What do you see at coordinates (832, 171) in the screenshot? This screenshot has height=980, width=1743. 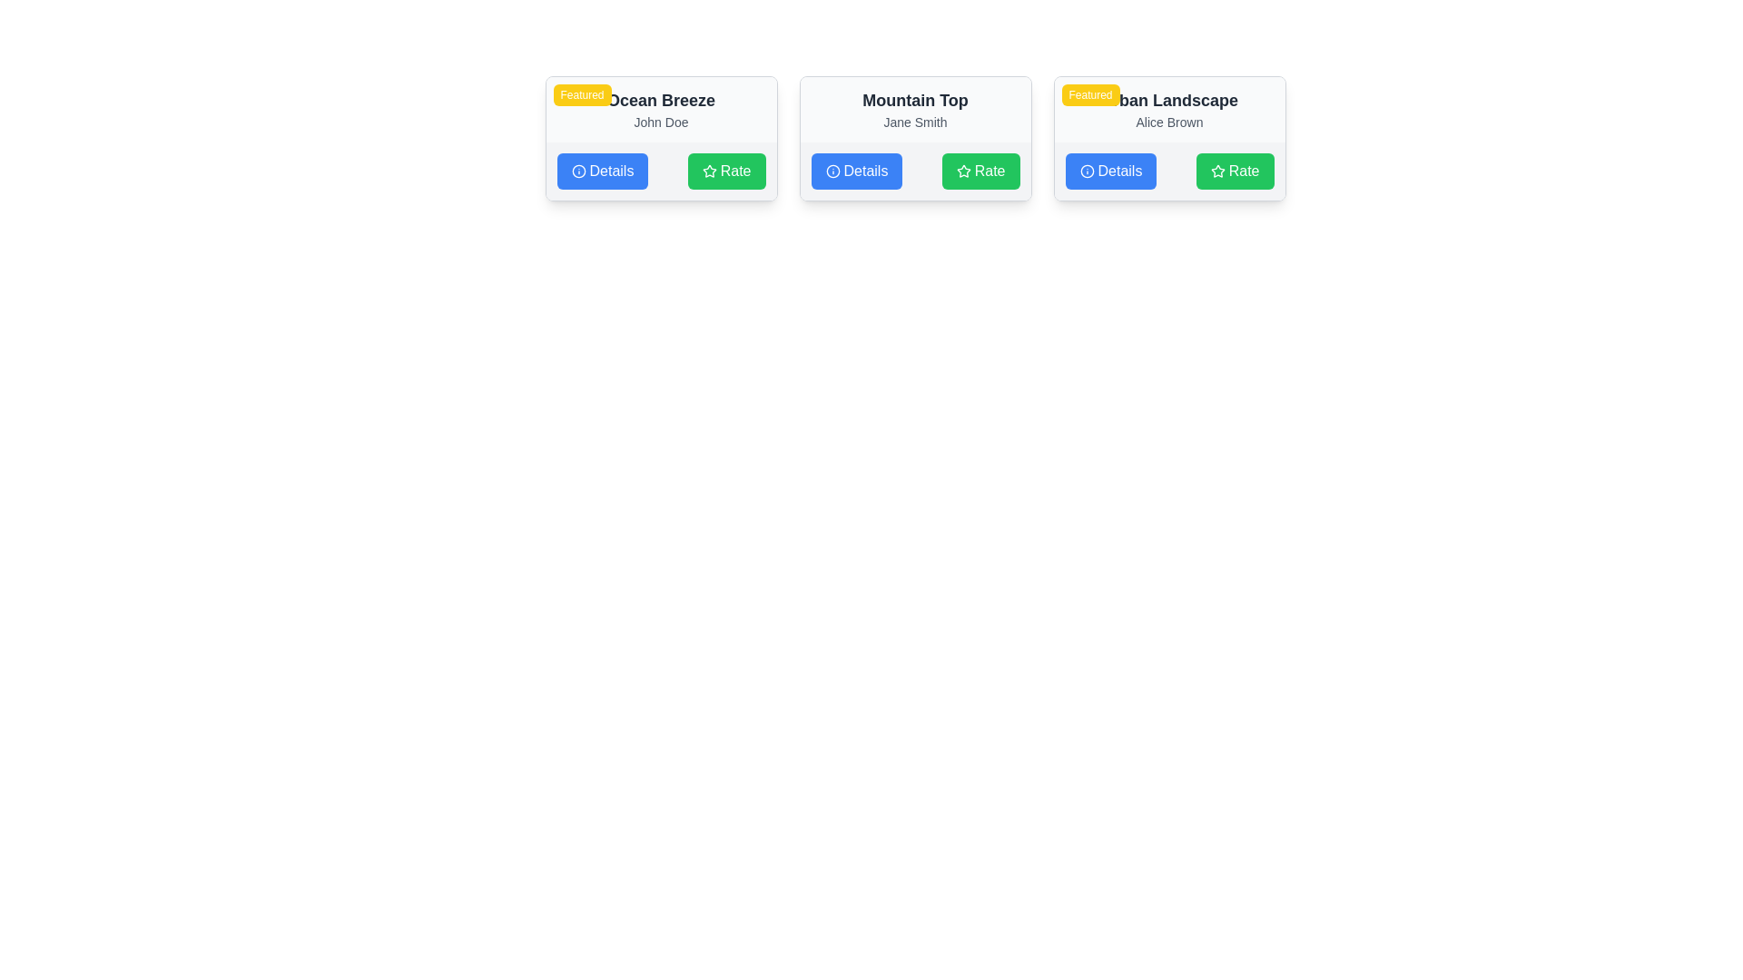 I see `the decorative icon integrated within the 'Details' button of the 'Mountain Top' card, which is the second card in the interface` at bounding box center [832, 171].